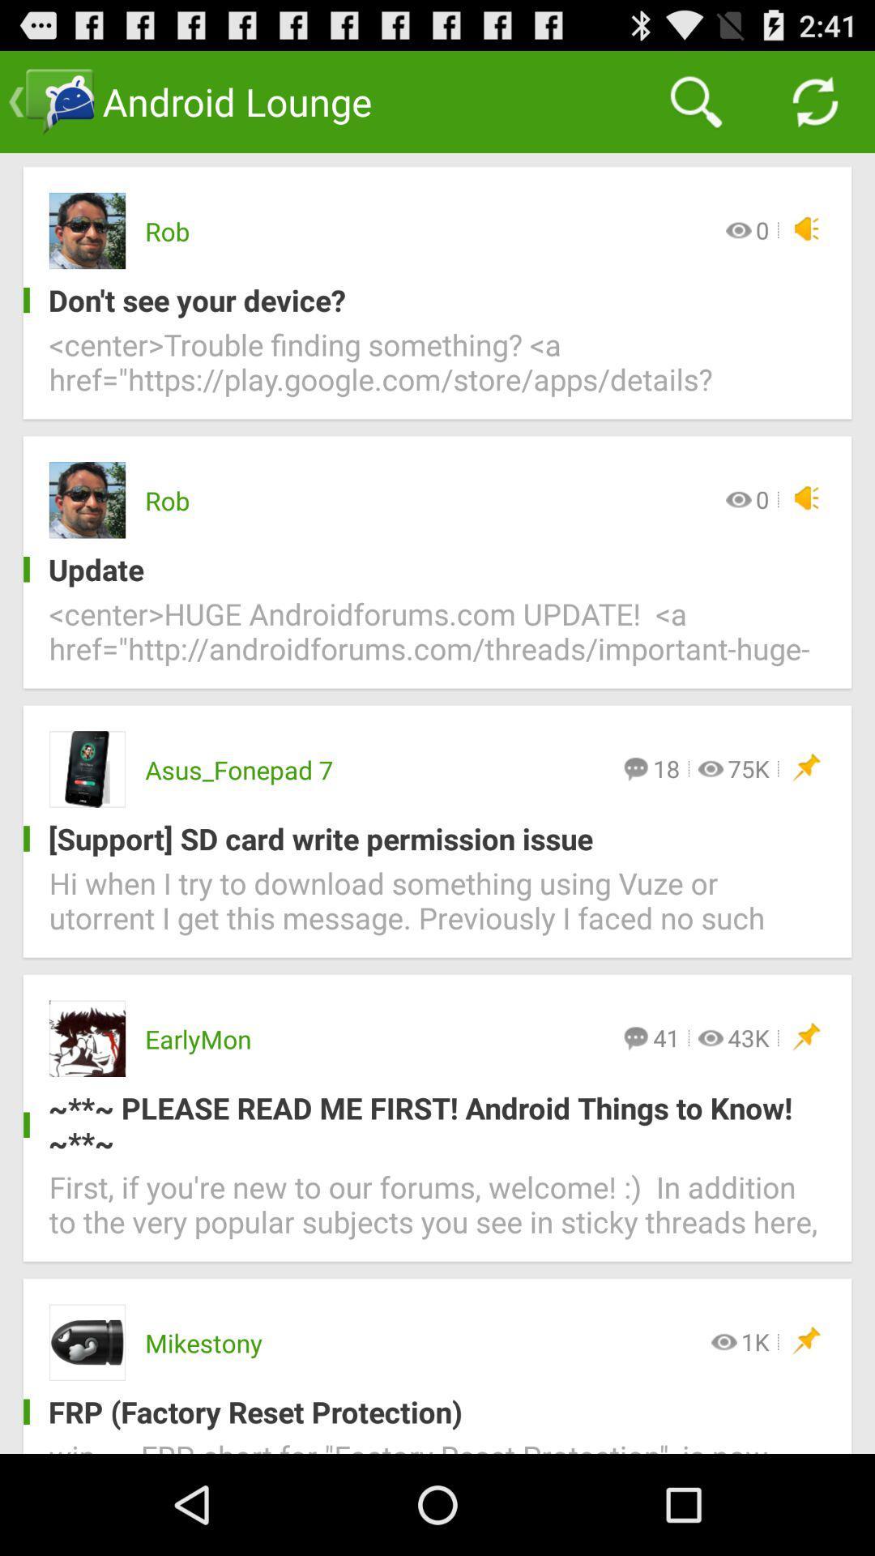 The image size is (875, 1556). What do you see at coordinates (437, 910) in the screenshot?
I see `item below support sd card item` at bounding box center [437, 910].